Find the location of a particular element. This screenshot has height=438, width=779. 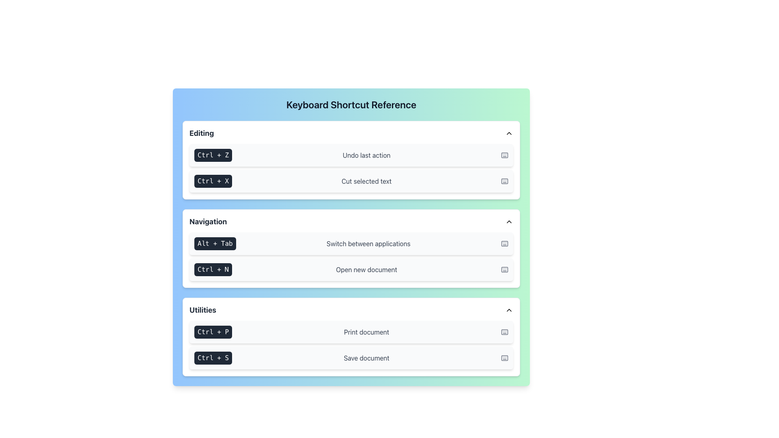

the 'Ctrl + N' button, which is a rectangular button with rounded corners, located in the 'Navigation' section under 'Open new document.' is located at coordinates (213, 269).